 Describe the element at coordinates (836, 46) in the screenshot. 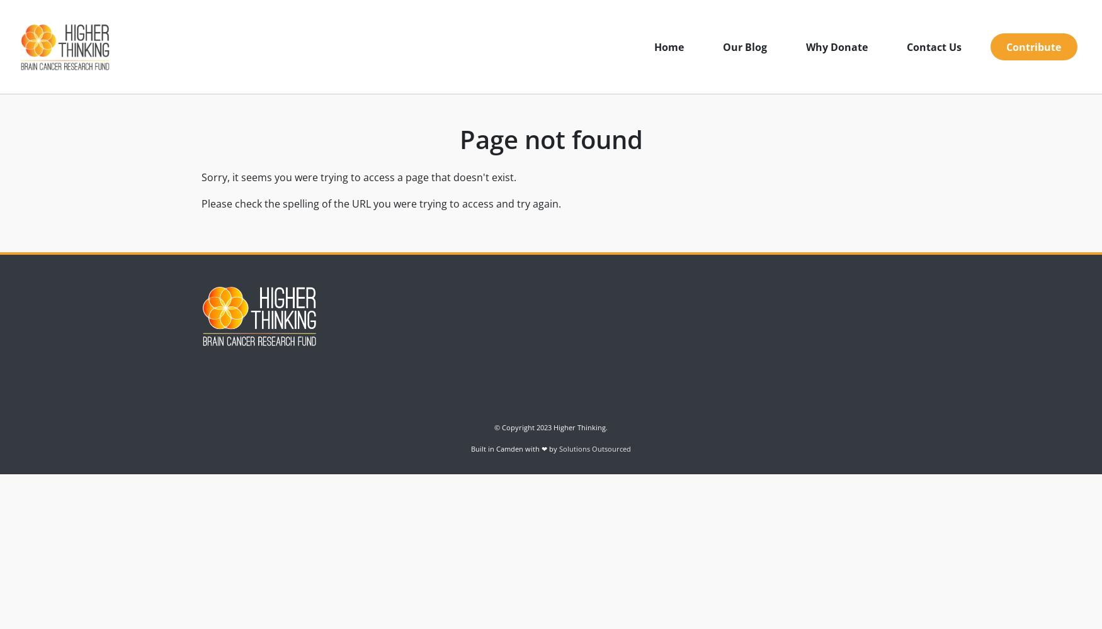

I see `'Why Donate'` at that location.